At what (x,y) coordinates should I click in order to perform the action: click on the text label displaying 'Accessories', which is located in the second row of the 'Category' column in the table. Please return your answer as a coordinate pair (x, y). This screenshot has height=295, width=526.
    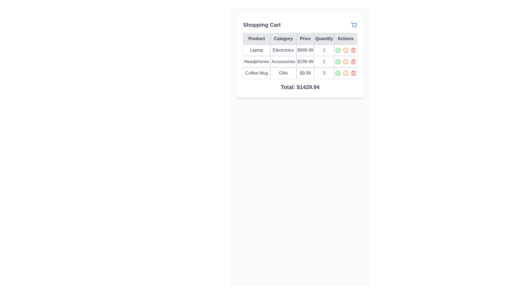
    Looking at the image, I should click on (283, 61).